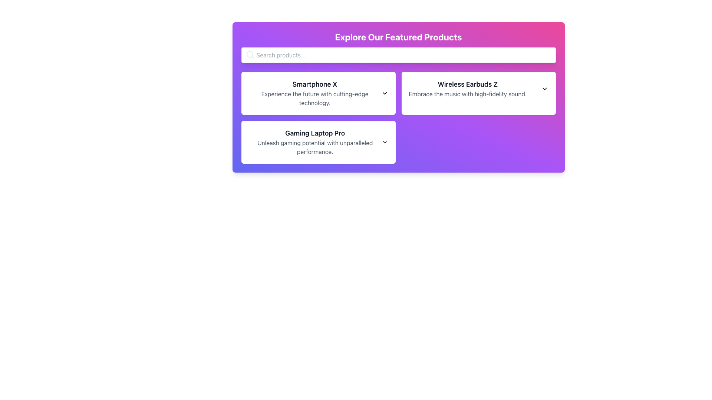 The image size is (712, 400). I want to click on the icon located on the far-right side of the 'Gaming Laptop Pro' section, which serves as a visual indicator for expanding or revealing additional content, so click(385, 142).